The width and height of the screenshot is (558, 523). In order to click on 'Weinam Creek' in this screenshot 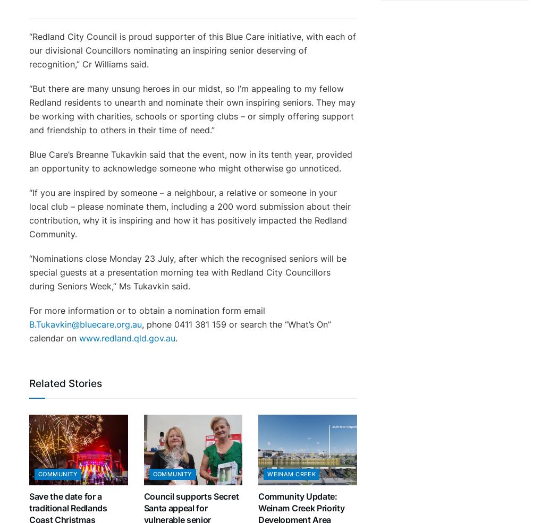, I will do `click(266, 474)`.